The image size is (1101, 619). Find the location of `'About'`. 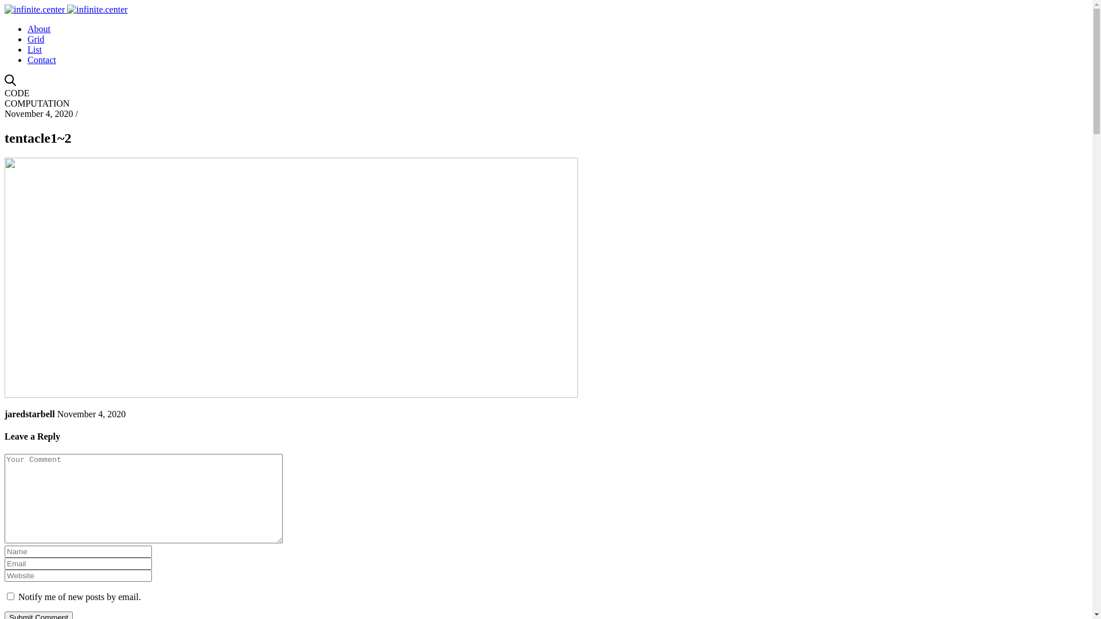

'About' is located at coordinates (38, 28).